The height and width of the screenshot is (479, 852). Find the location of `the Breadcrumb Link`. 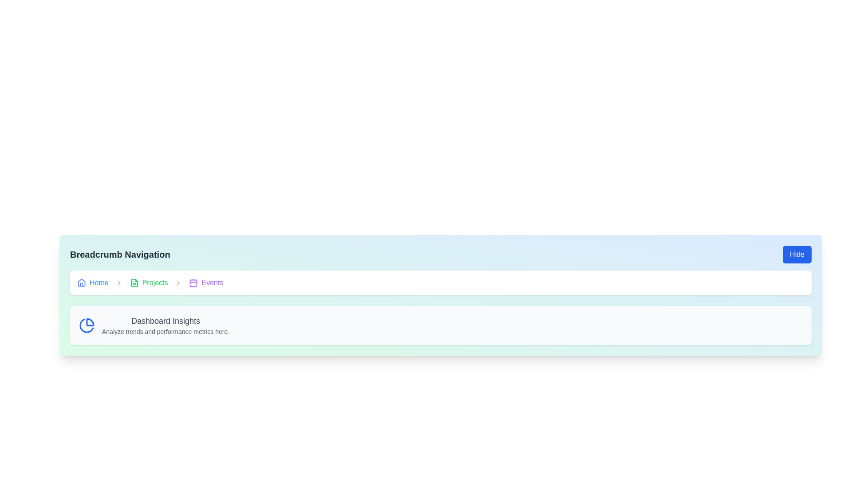

the Breadcrumb Link is located at coordinates (93, 283).